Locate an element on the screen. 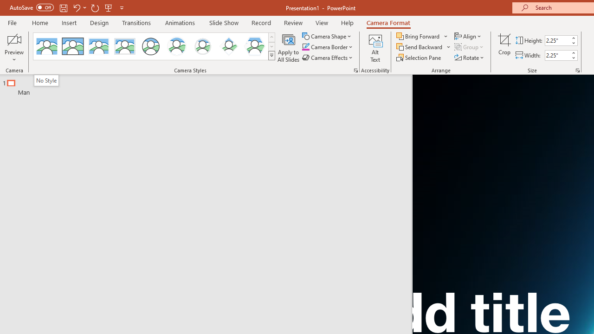  'Soft Edge Rectangle' is located at coordinates (124, 46).